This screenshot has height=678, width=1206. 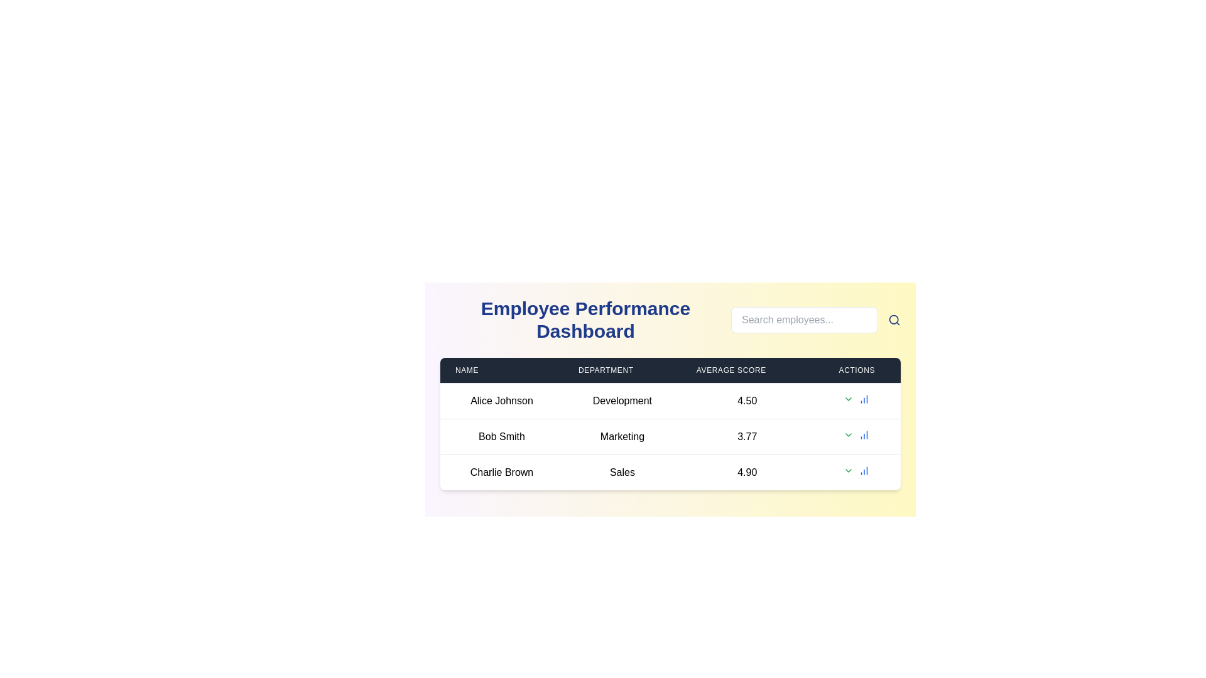 I want to click on displayed value '4.50' from the AVERAGE SCORE column in the Employee Performance Dashboard table, specifically for Alice Johnson in the Development department, so click(x=747, y=401).